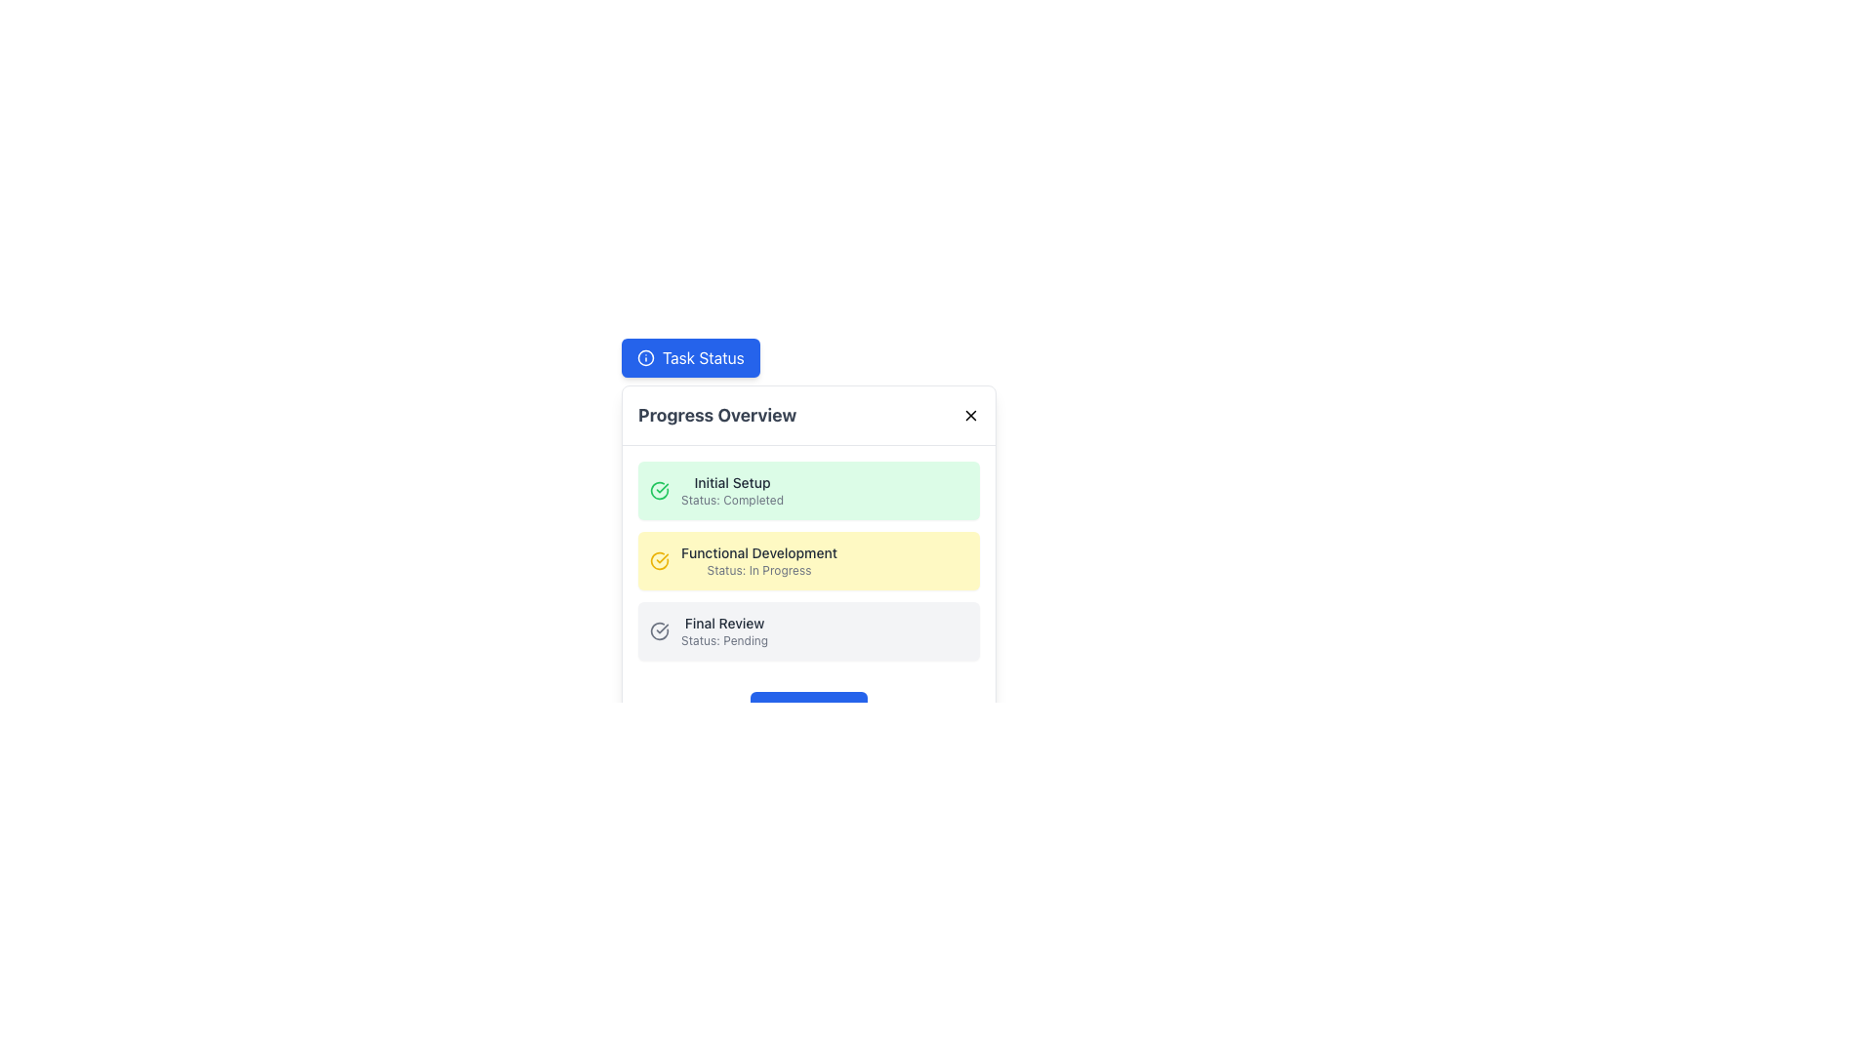 This screenshot has width=1874, height=1054. I want to click on the button located at the bottom of the 'Progress Overview' dialog, so click(809, 709).